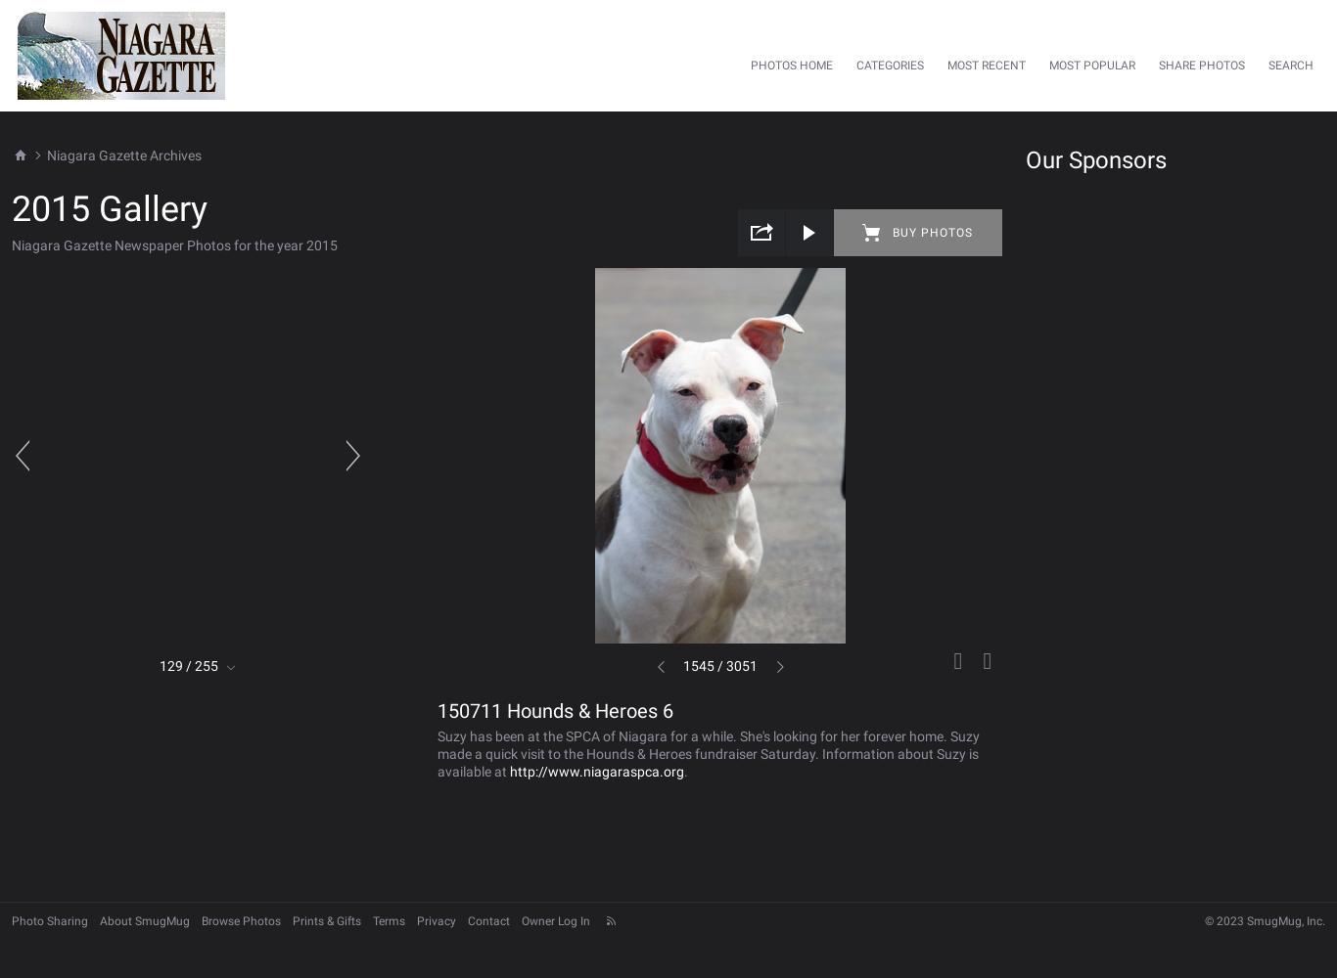  What do you see at coordinates (1290, 65) in the screenshot?
I see `'Search'` at bounding box center [1290, 65].